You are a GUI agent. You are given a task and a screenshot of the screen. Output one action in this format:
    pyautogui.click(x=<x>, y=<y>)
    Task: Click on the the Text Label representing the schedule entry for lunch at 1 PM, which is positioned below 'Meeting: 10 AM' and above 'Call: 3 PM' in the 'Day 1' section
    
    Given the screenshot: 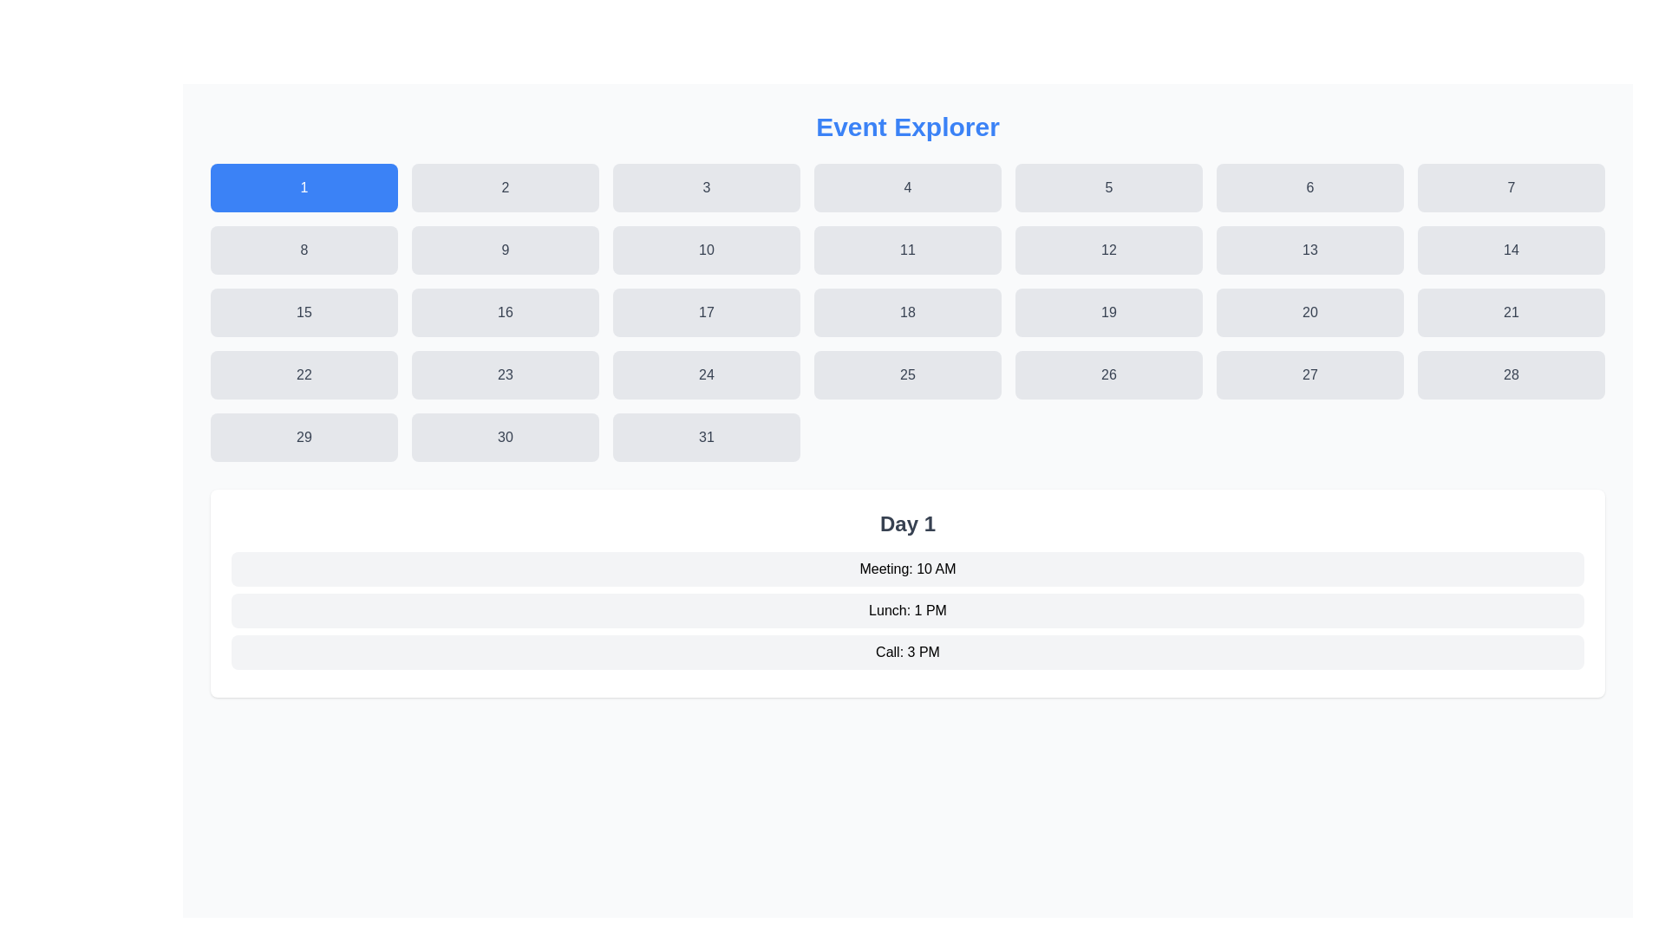 What is the action you would take?
    pyautogui.click(x=906, y=610)
    